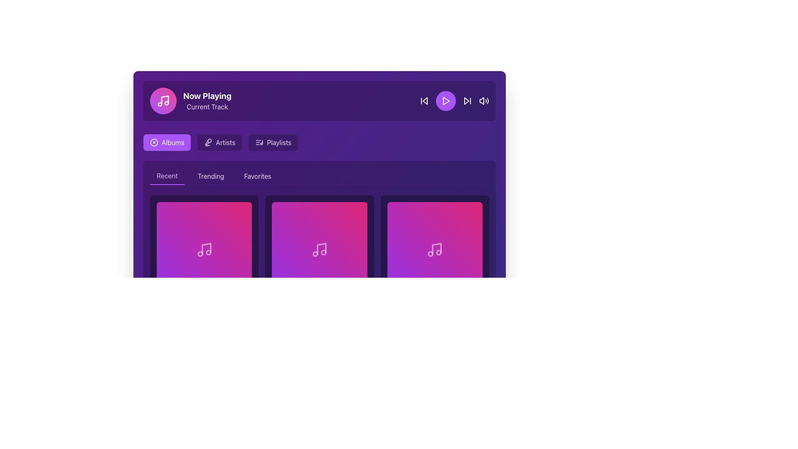 Image resolution: width=798 pixels, height=449 pixels. Describe the element at coordinates (167, 142) in the screenshot. I see `the Albums button located beneath the 'Now Playing' section for accessibility navigation` at that location.